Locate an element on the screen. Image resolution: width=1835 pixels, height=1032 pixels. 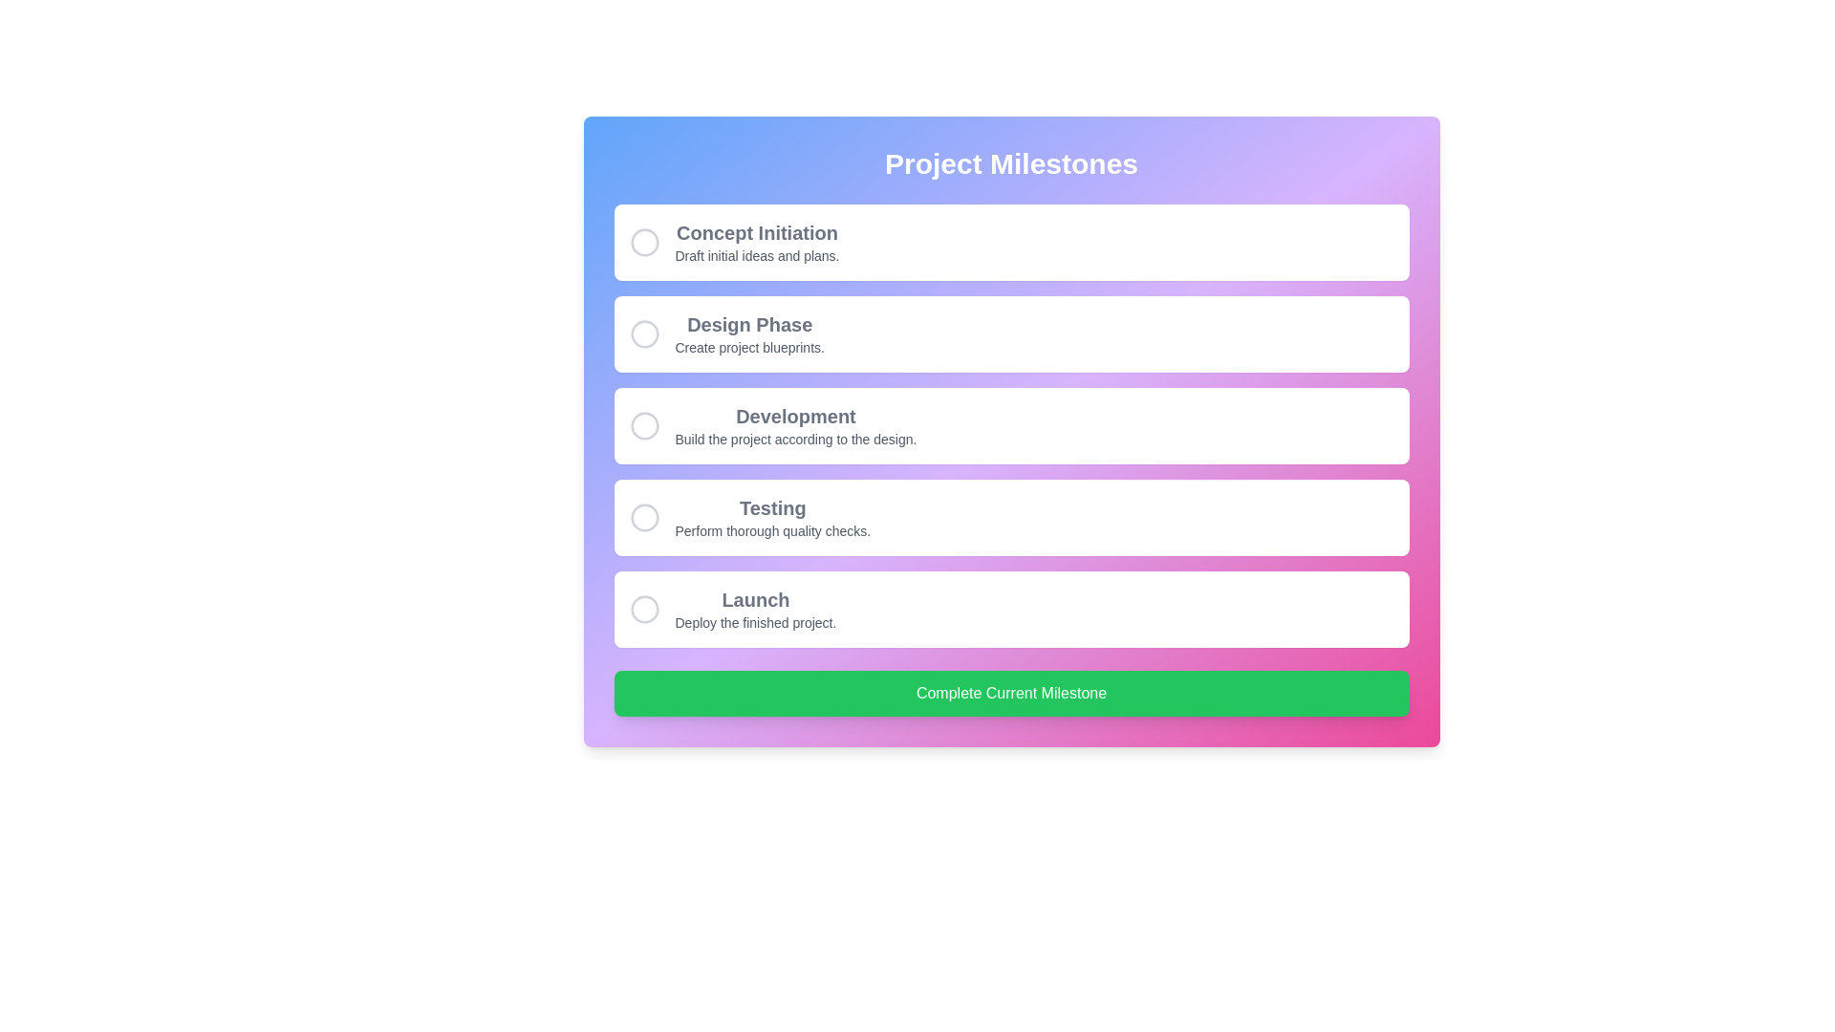
the text element that describes the 'Concept Initiation' phase, located under the header 'Concept Initiation' in the first section of a vertical list layout is located at coordinates (756, 254).